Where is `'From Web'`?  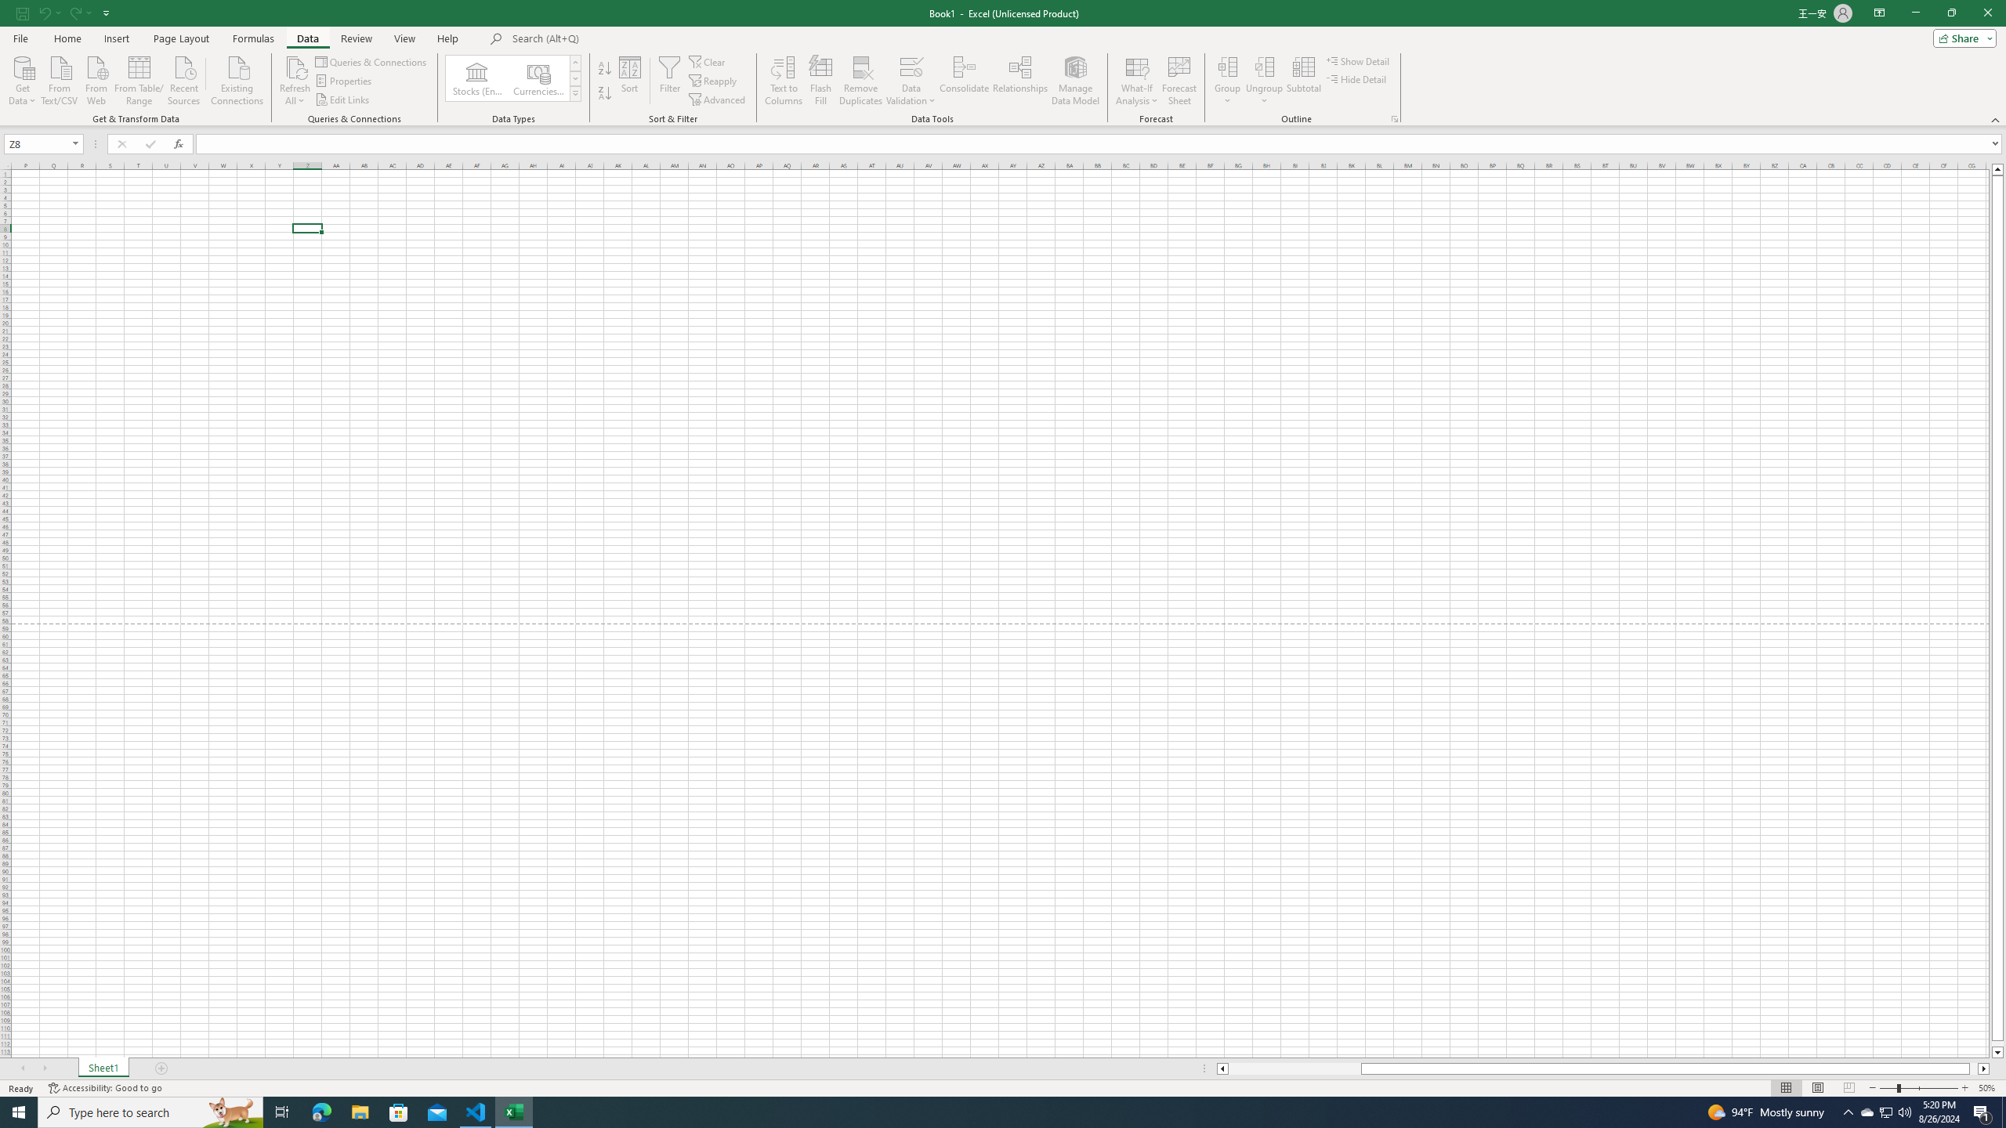
'From Web' is located at coordinates (96, 78).